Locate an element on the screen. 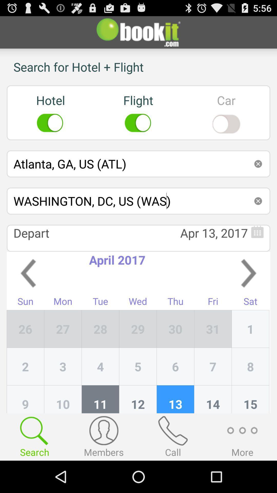  item above the sun is located at coordinates (28, 273).